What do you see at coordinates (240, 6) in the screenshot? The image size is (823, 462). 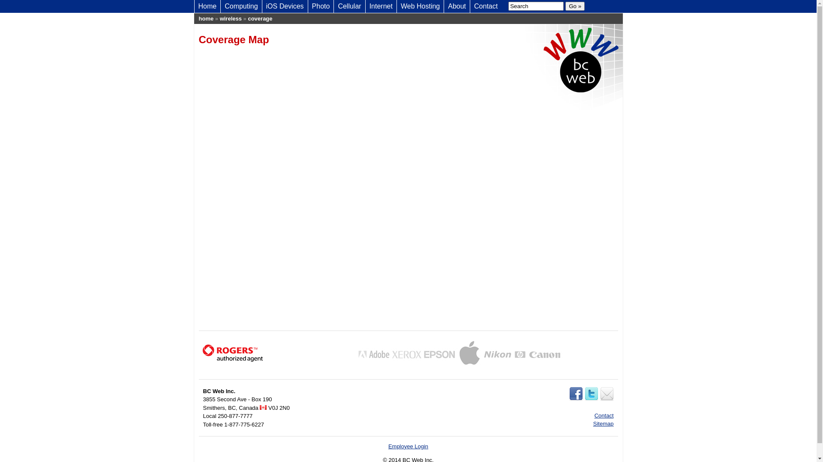 I see `'Computing'` at bounding box center [240, 6].